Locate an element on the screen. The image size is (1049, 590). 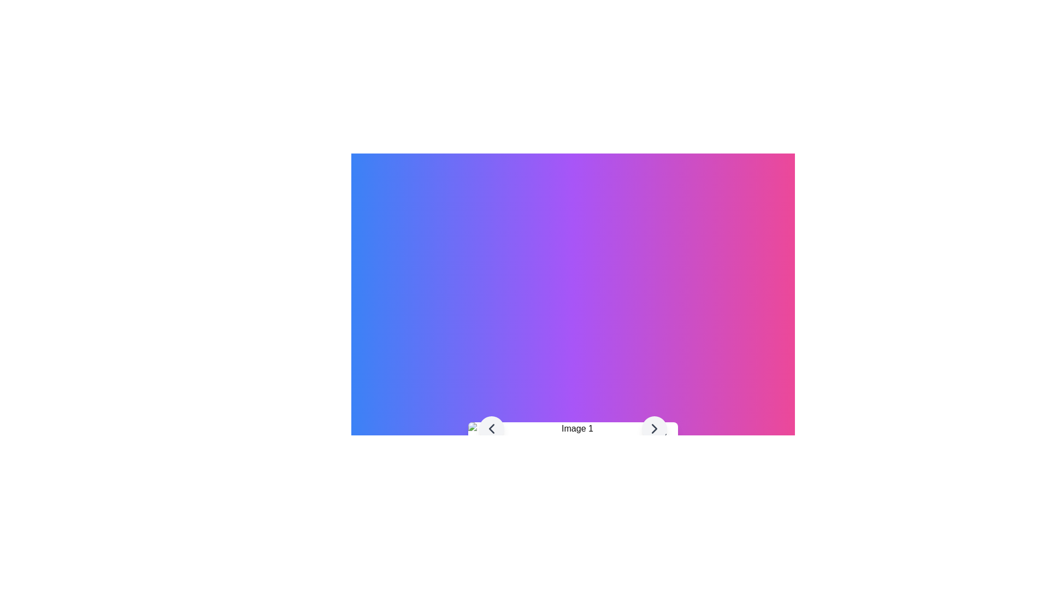
the triangular chevron or arrowhead graphic element, which is styled in a solid dark color and positioned at the bottom-right corner of the interface is located at coordinates (655, 428).